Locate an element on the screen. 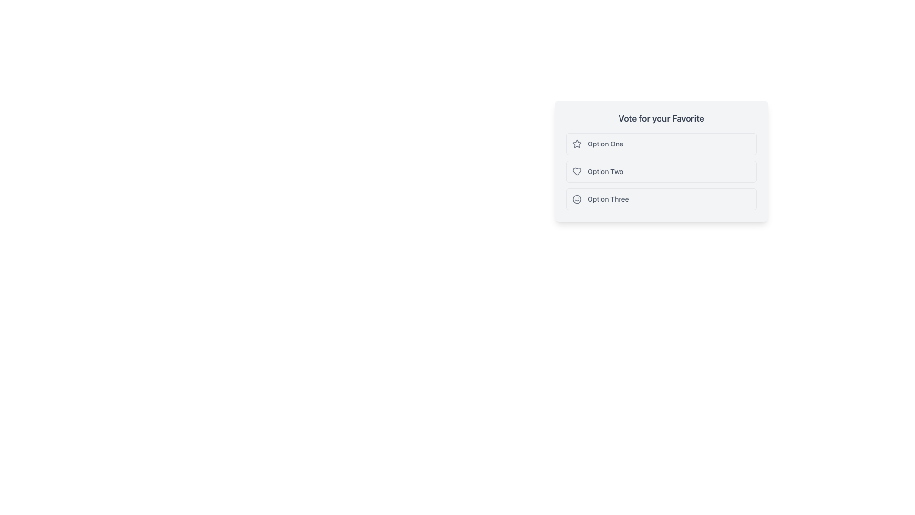  the uninteractive entry labeled 'Option Three' in the voting list, which is the last option located at the bottom of the list is located at coordinates (661, 198).